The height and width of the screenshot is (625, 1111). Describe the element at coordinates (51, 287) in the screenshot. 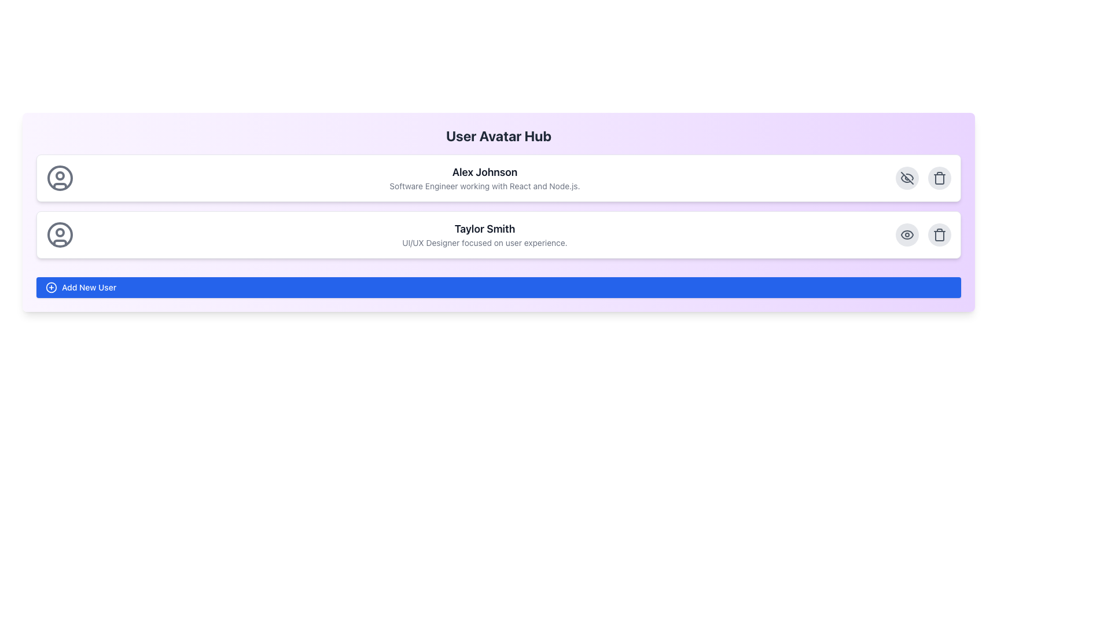

I see `the circular icon with a '+' symbol on the blue button labeled 'Add New User' to initiate the action of adding a new user` at that location.